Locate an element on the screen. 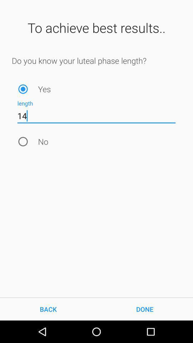 This screenshot has height=343, width=193. item to the left of the yes icon is located at coordinates (23, 89).